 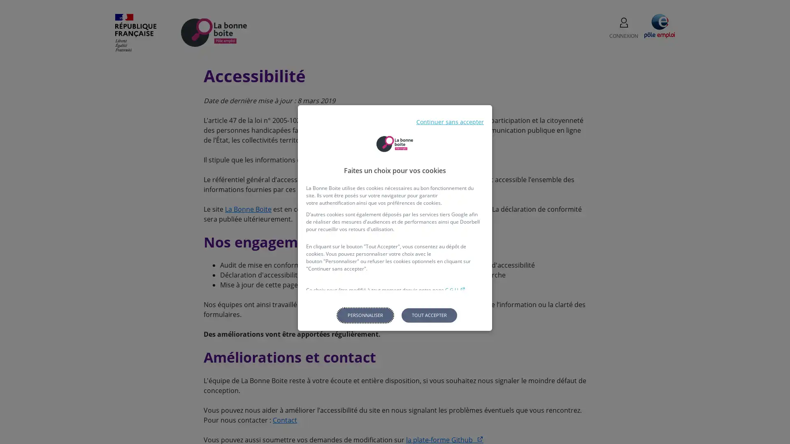 I want to click on Personnaliser les parametres de confidentialite, so click(x=365, y=314).